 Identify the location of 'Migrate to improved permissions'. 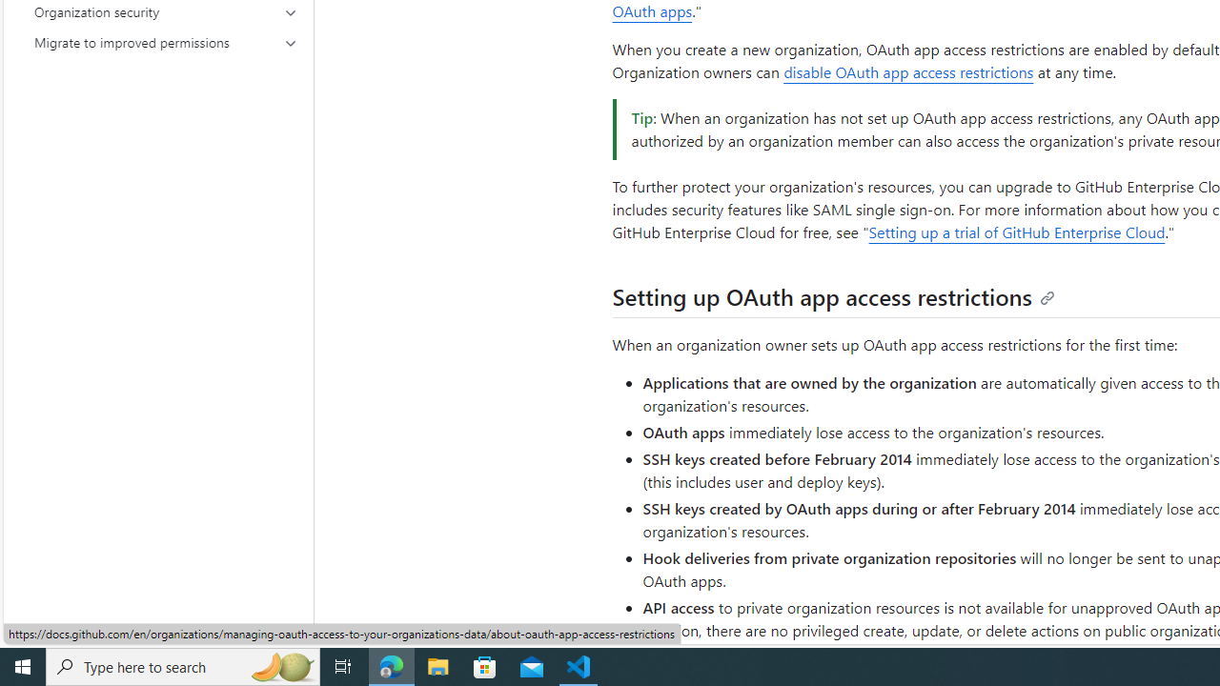
(166, 43).